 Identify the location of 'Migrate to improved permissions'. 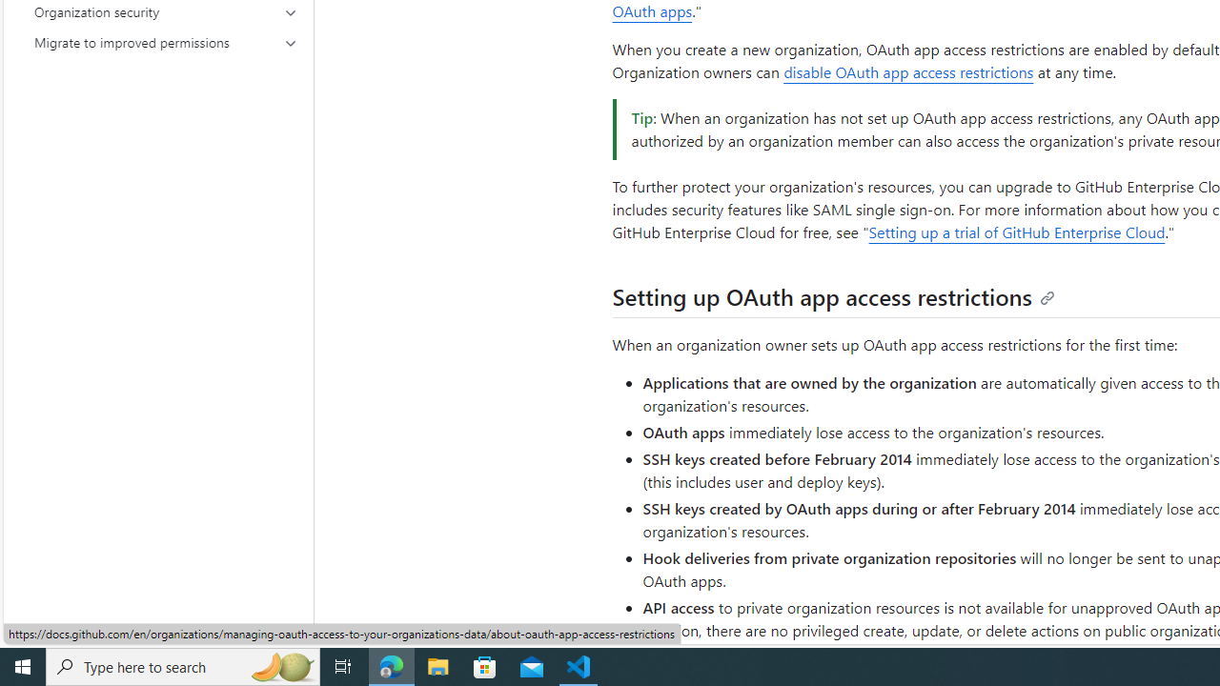
(166, 43).